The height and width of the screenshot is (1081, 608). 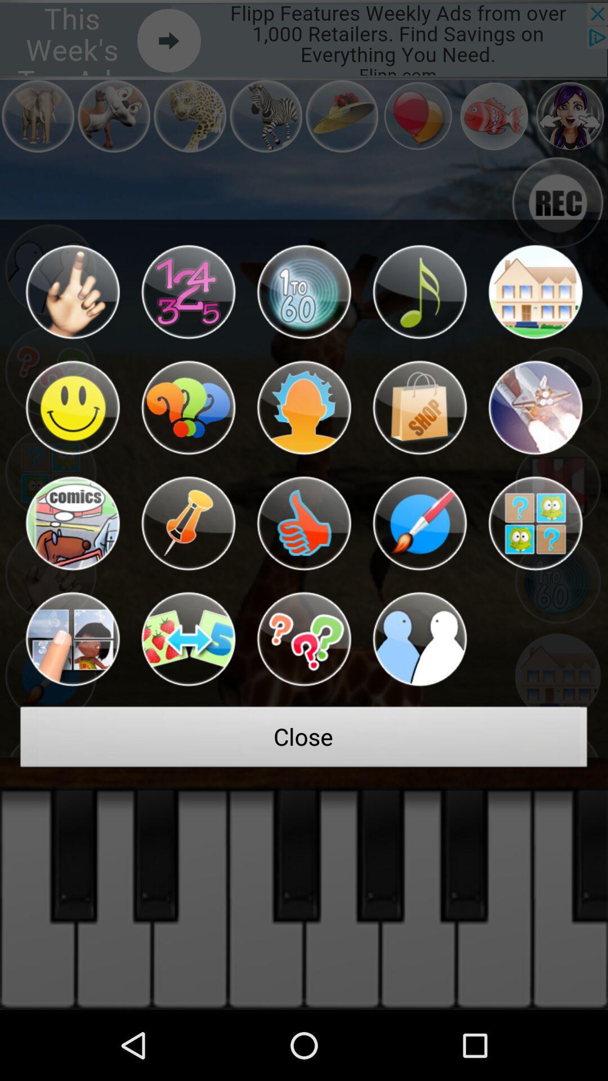 What do you see at coordinates (419, 407) in the screenshot?
I see `share the article` at bounding box center [419, 407].